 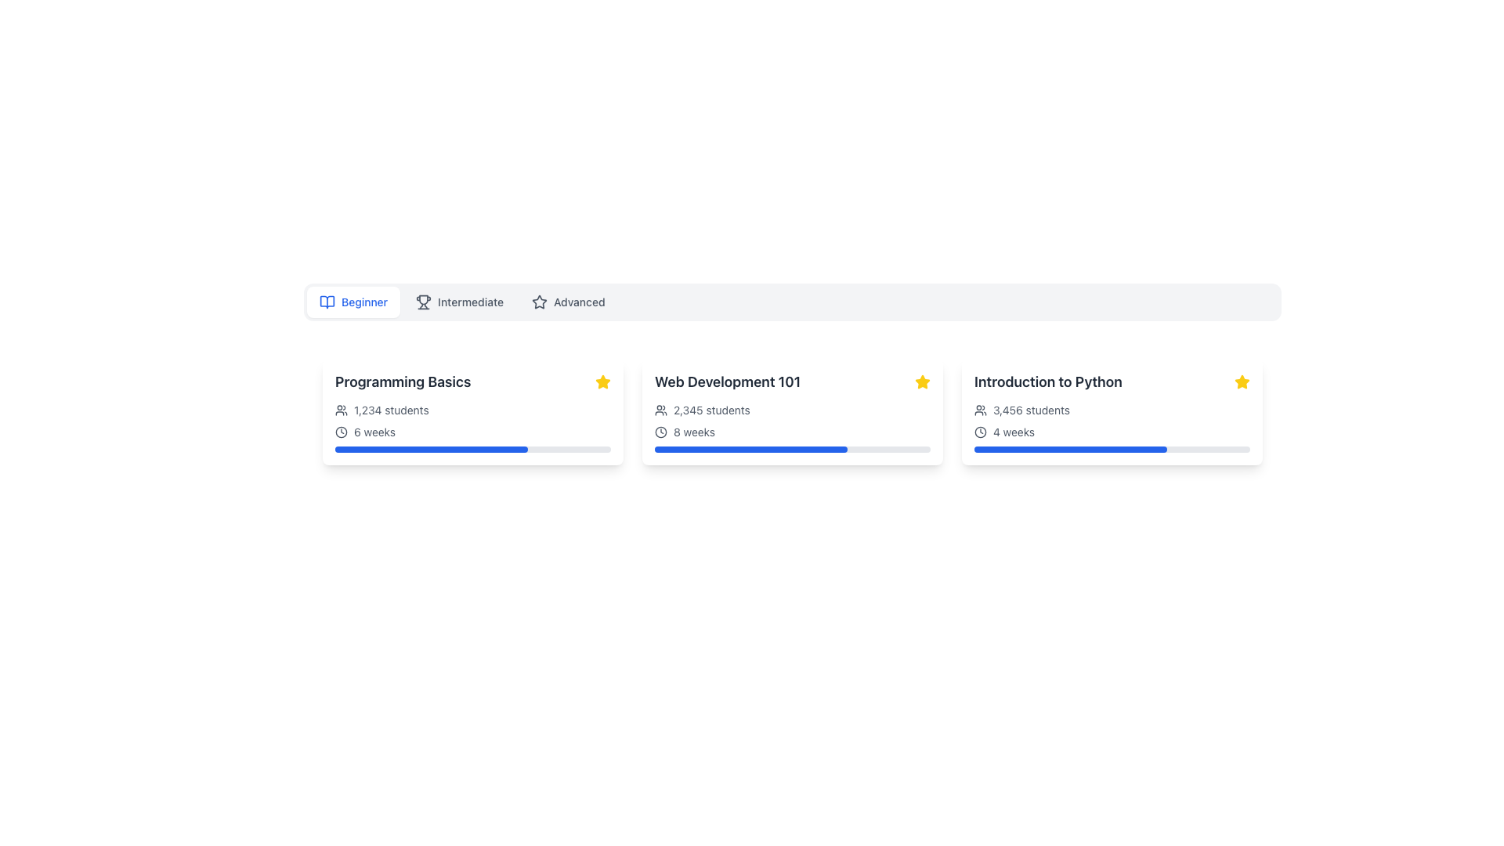 What do you see at coordinates (424, 302) in the screenshot?
I see `the 'Intermediate' label associated with the trophy icon, which is positioned directly to the right of the icon in the navigation bar` at bounding box center [424, 302].